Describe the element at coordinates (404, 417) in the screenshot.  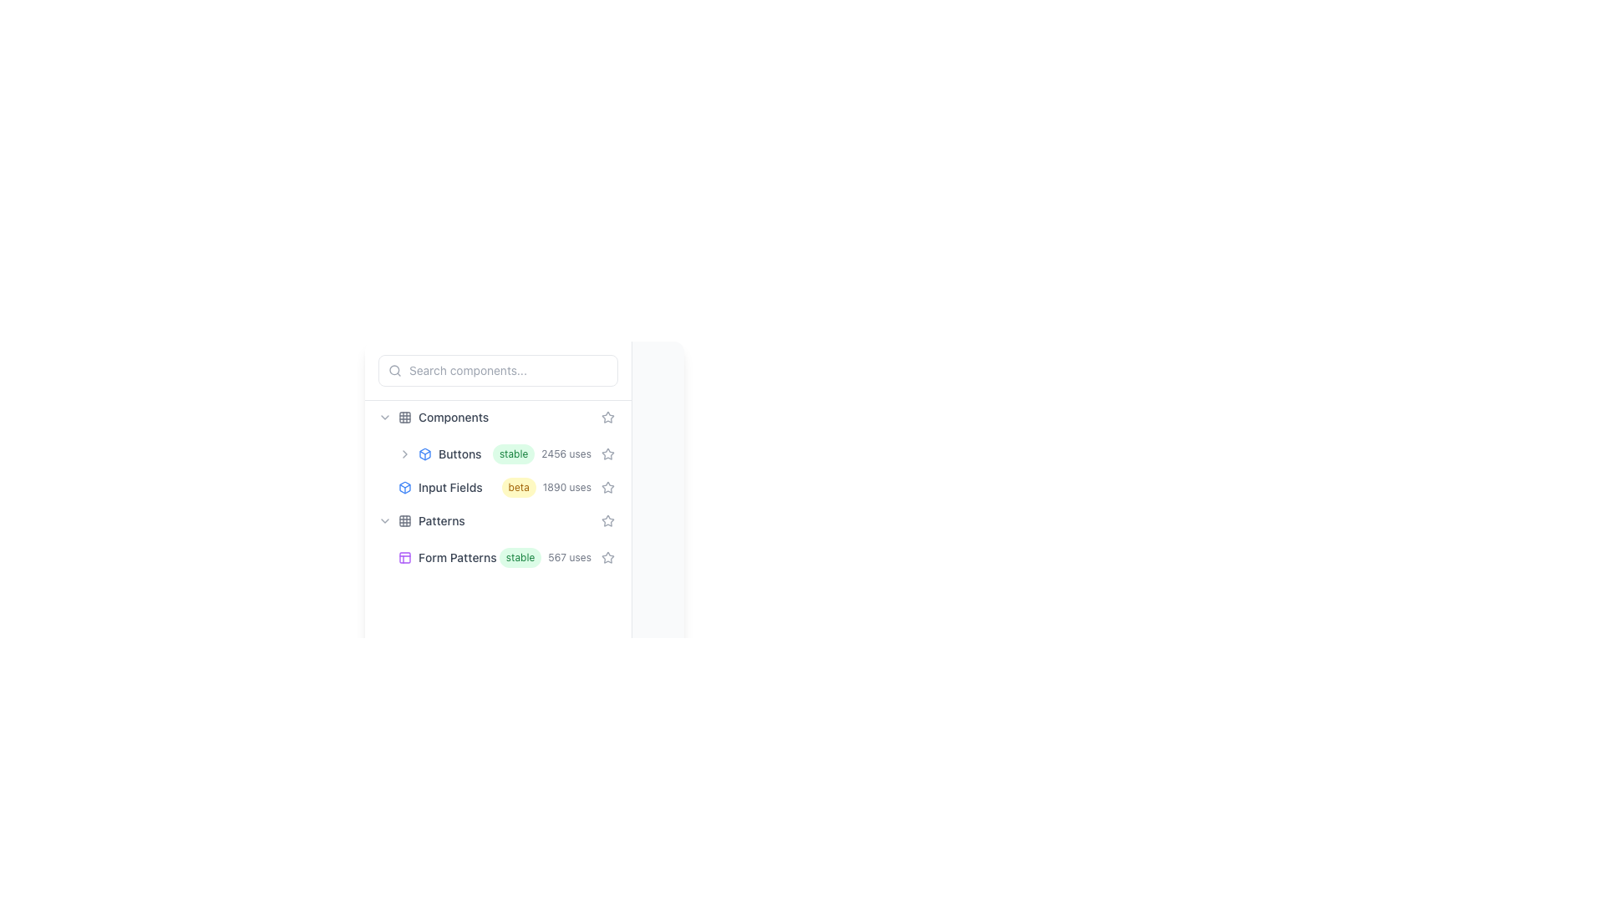
I see `the visual state of the top-left filled square in the 3x3 grid icon located in the toolbar or menu area` at that location.